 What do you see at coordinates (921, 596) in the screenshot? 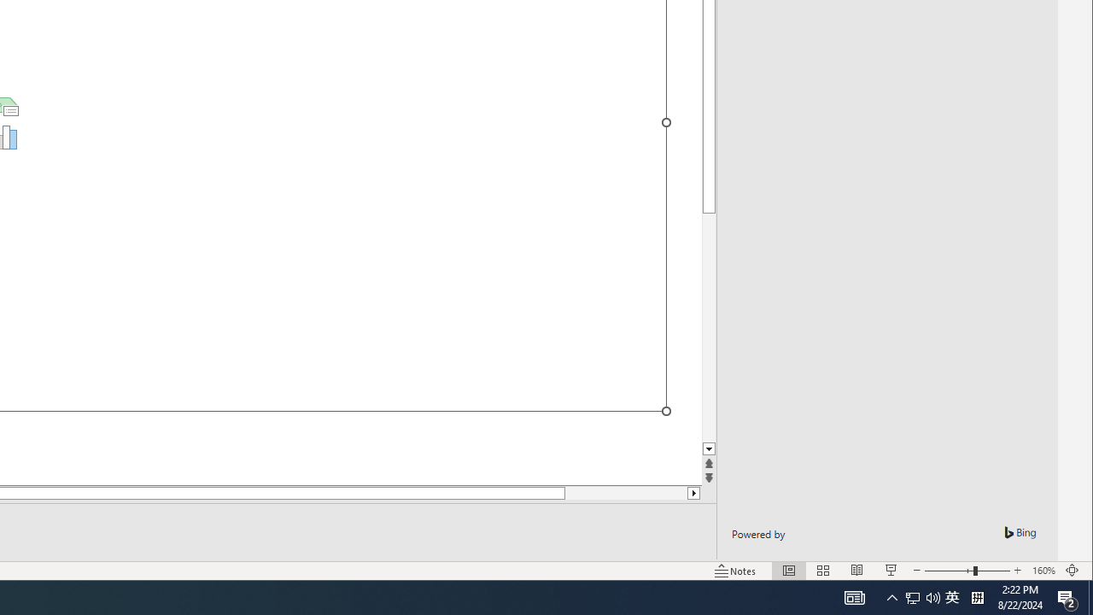
I see `'User Promoted Notification Area'` at bounding box center [921, 596].